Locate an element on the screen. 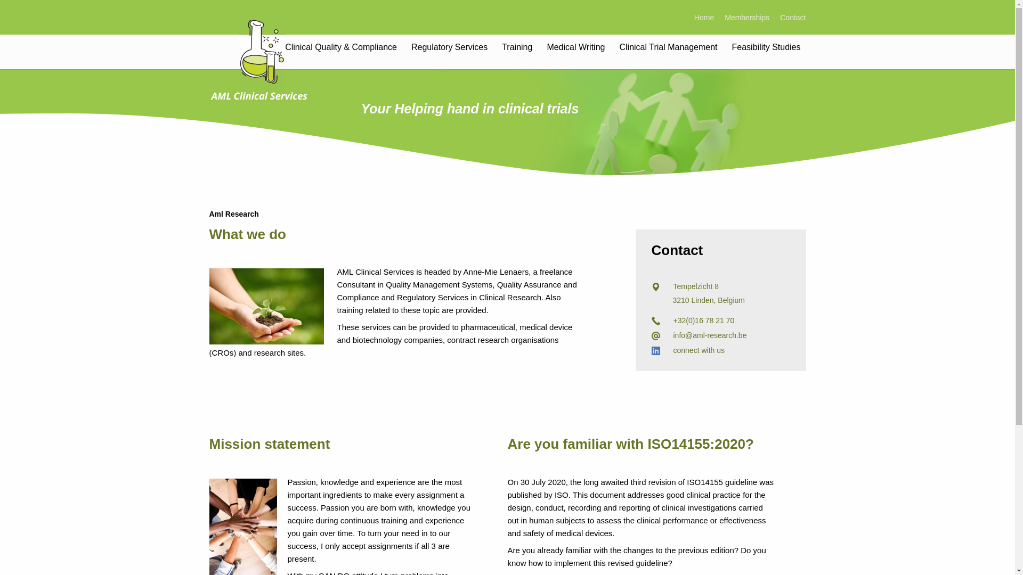 The width and height of the screenshot is (1023, 575). 'Feasibility Studies' is located at coordinates (766, 46).